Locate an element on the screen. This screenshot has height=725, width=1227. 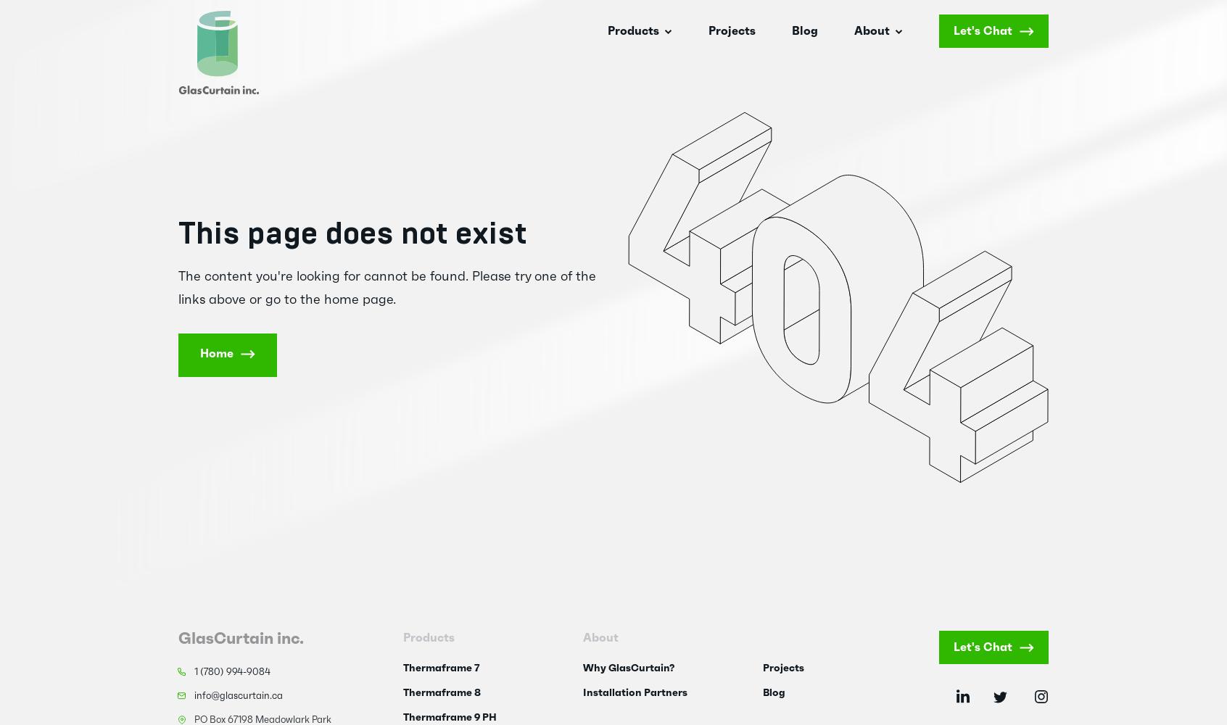
'PO Box 67198 Meadowlark Park' is located at coordinates (263, 719).